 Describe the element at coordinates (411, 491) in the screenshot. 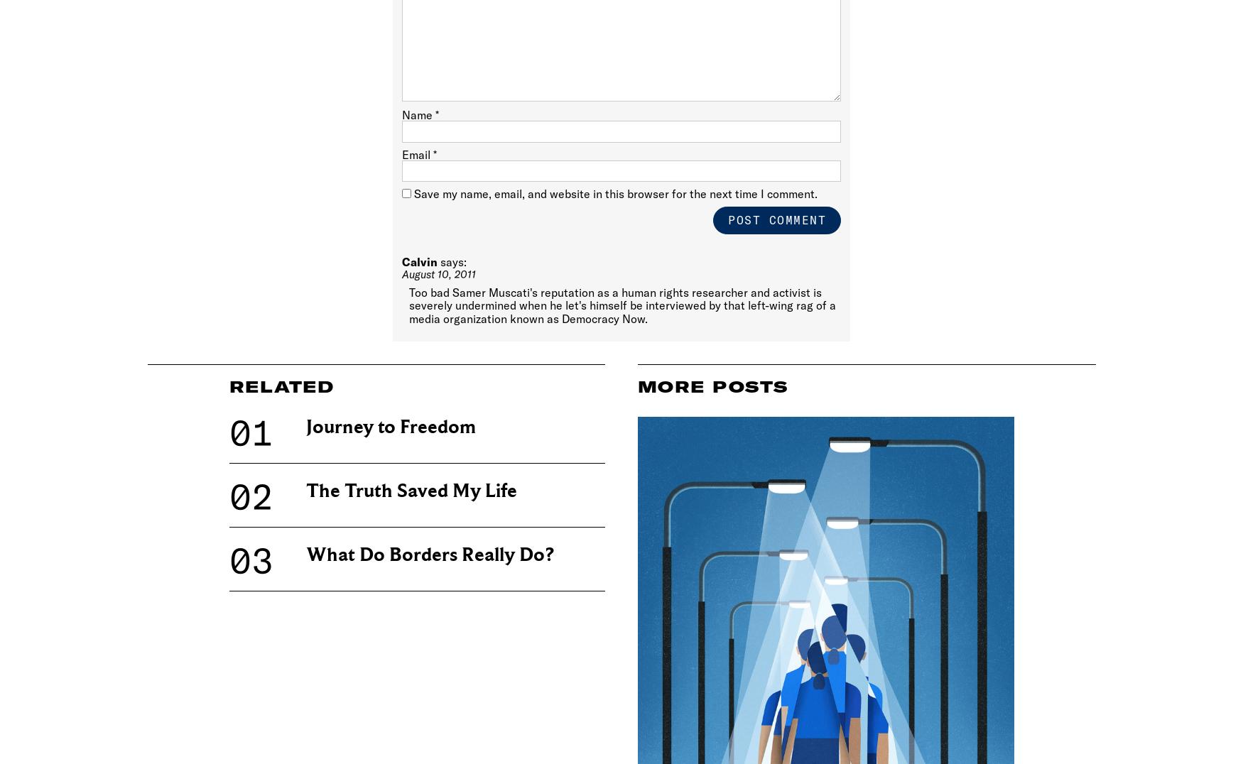

I see `'The Truth Saved My Life'` at that location.